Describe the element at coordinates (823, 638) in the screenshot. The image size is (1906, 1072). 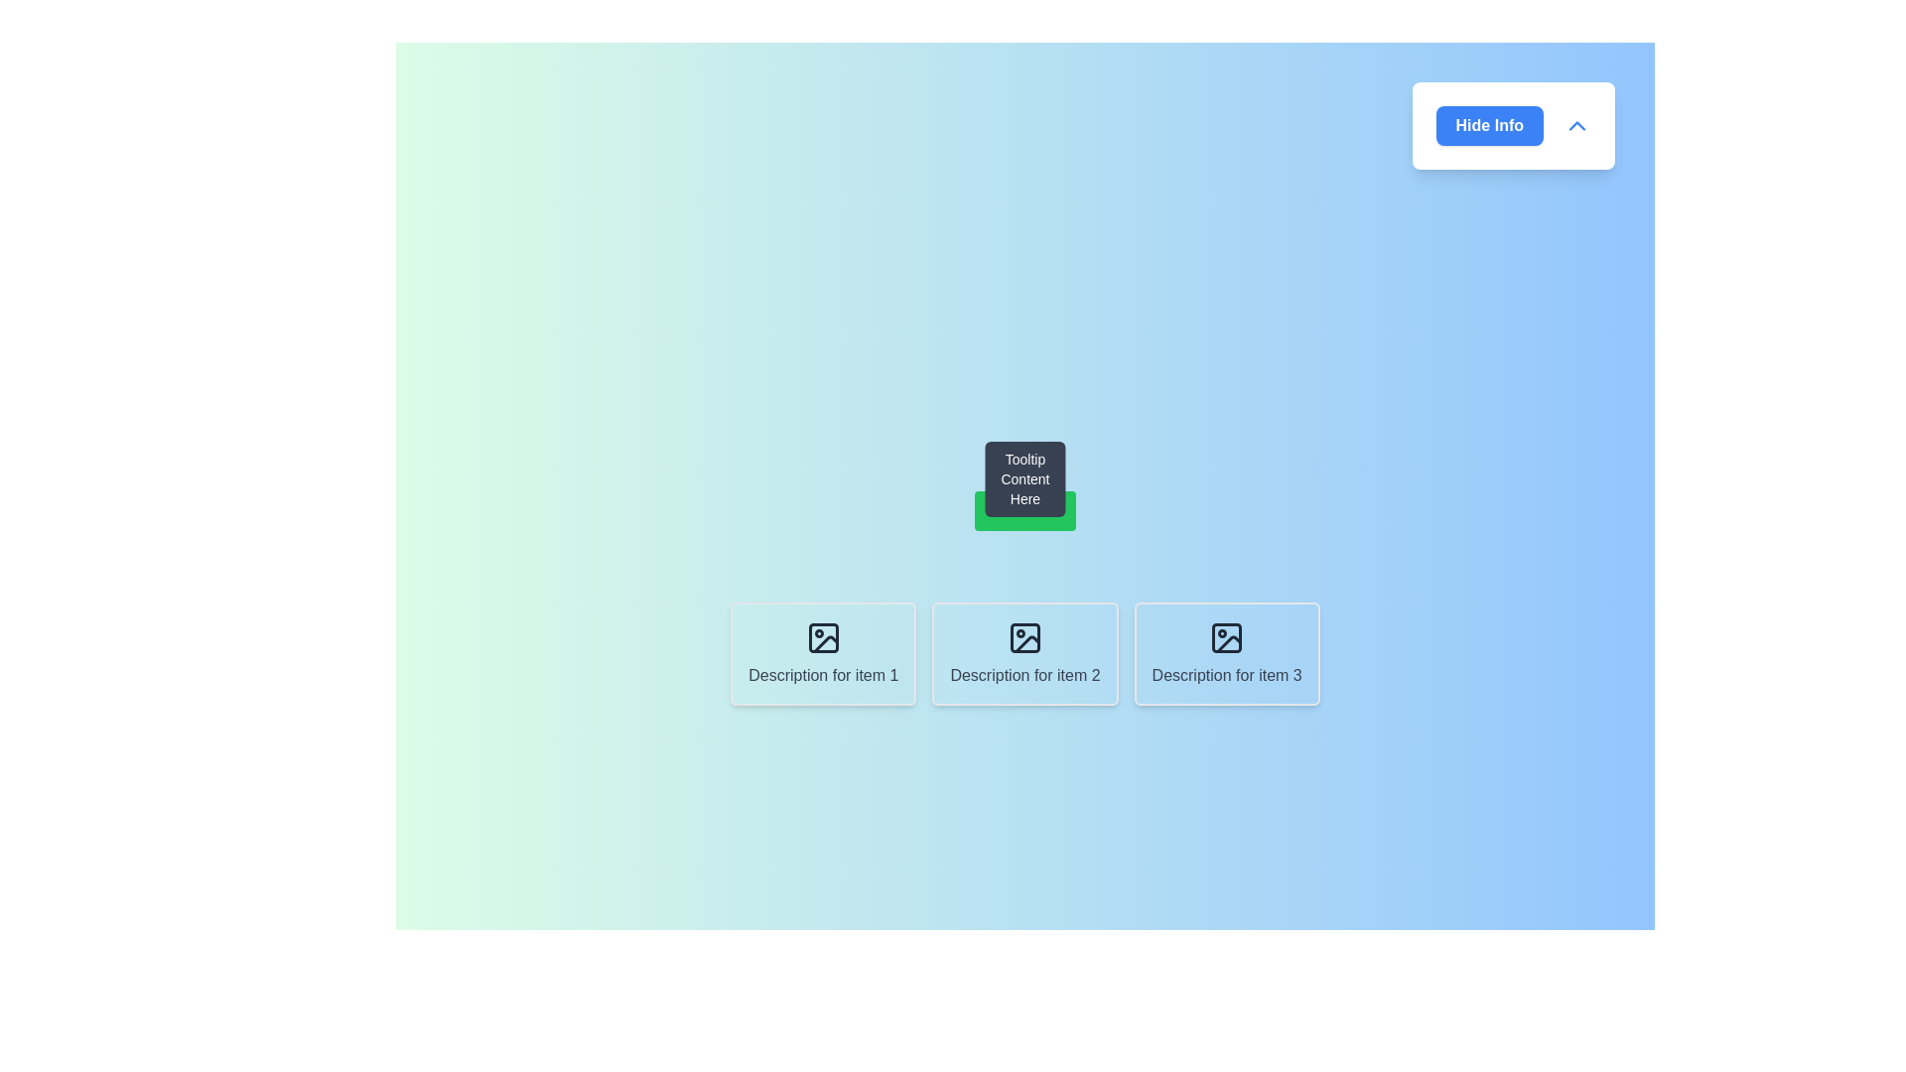
I see `the decorative or identification icon located above the label 'Description for item 1' in the first card of three equally spaced cards at the bottom center of the interface` at that location.